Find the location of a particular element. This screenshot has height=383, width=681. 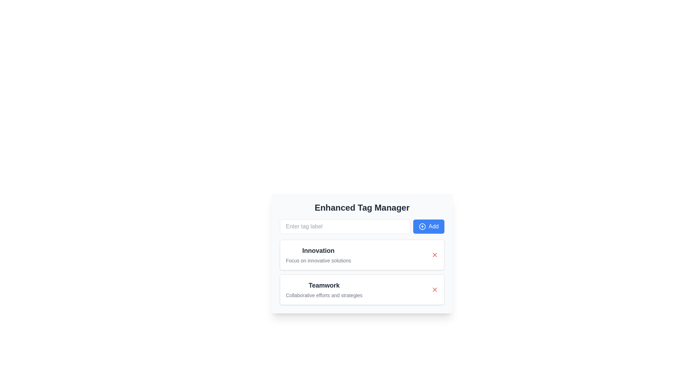

the 'Teamwork' text label, which is located within the second group under 'Enhanced Tag Manager', positioned above 'Collaborative efforts and strategies' is located at coordinates (324, 285).